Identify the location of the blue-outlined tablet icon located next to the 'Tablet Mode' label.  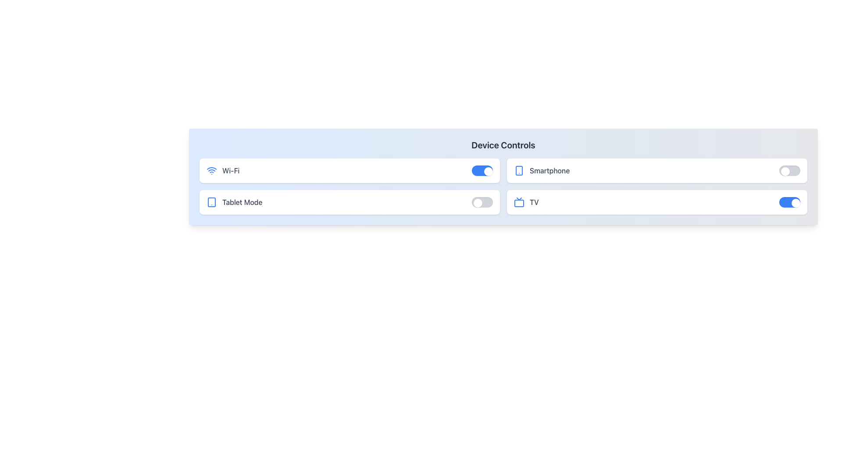
(212, 202).